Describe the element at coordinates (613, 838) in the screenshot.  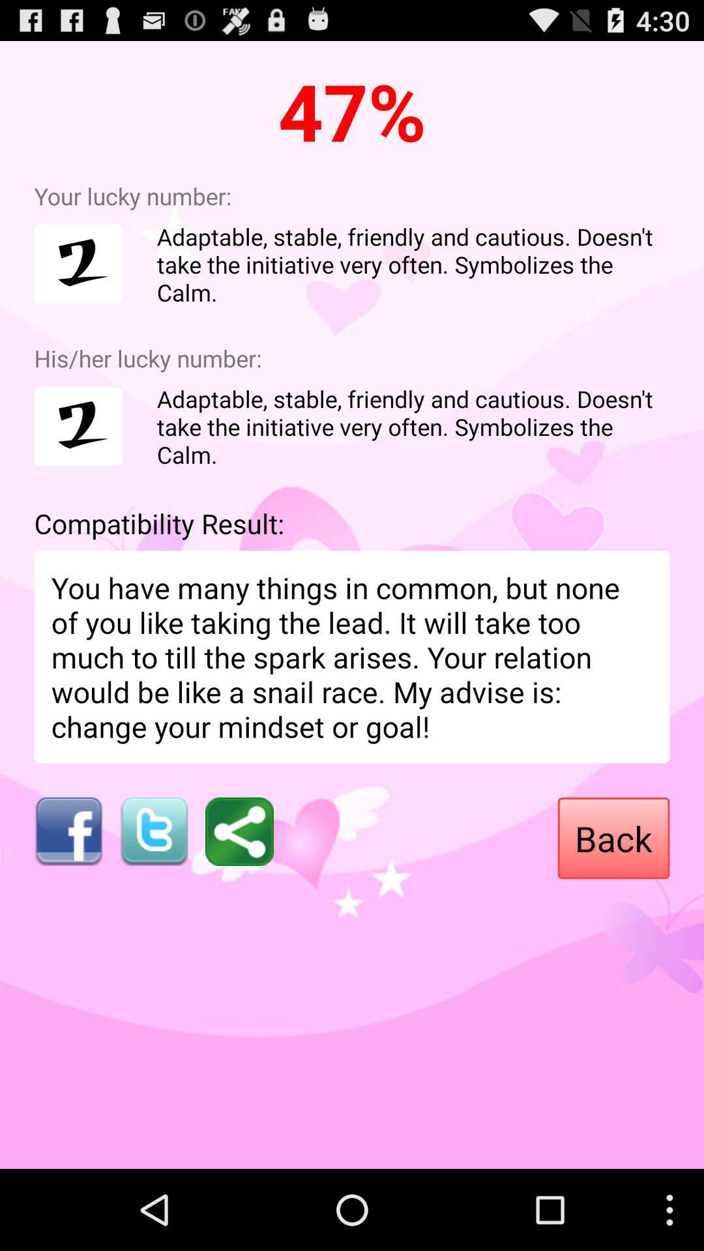
I see `the back item` at that location.